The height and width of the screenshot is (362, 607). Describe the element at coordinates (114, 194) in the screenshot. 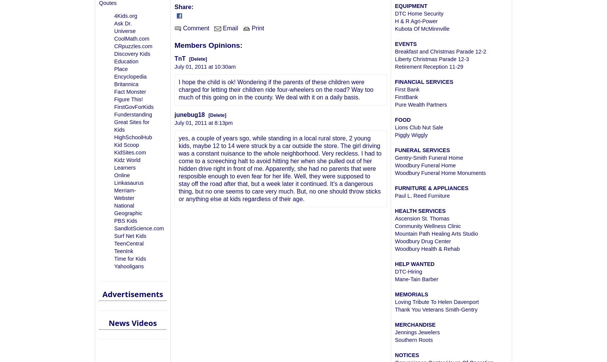

I see `'Merriam-Webster'` at that location.